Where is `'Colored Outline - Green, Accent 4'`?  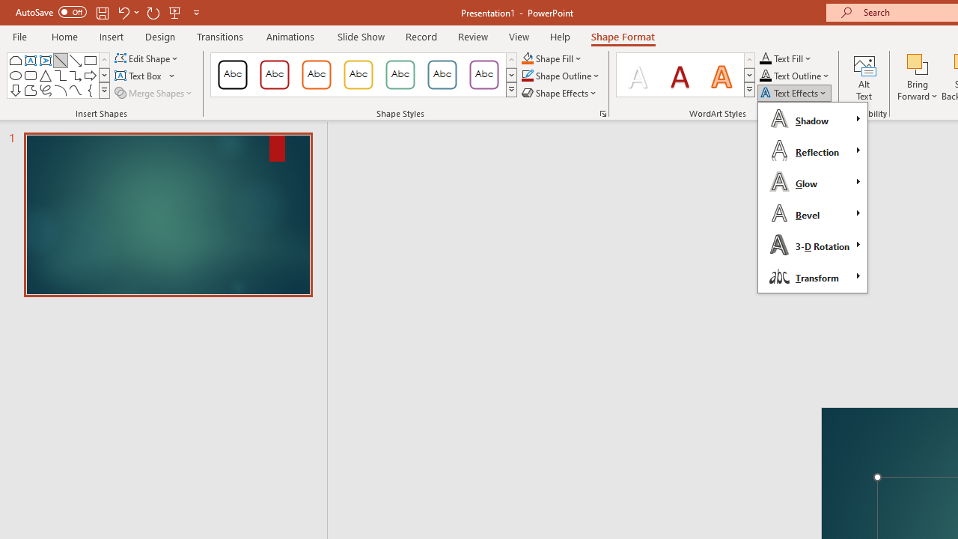 'Colored Outline - Green, Accent 4' is located at coordinates (400, 75).